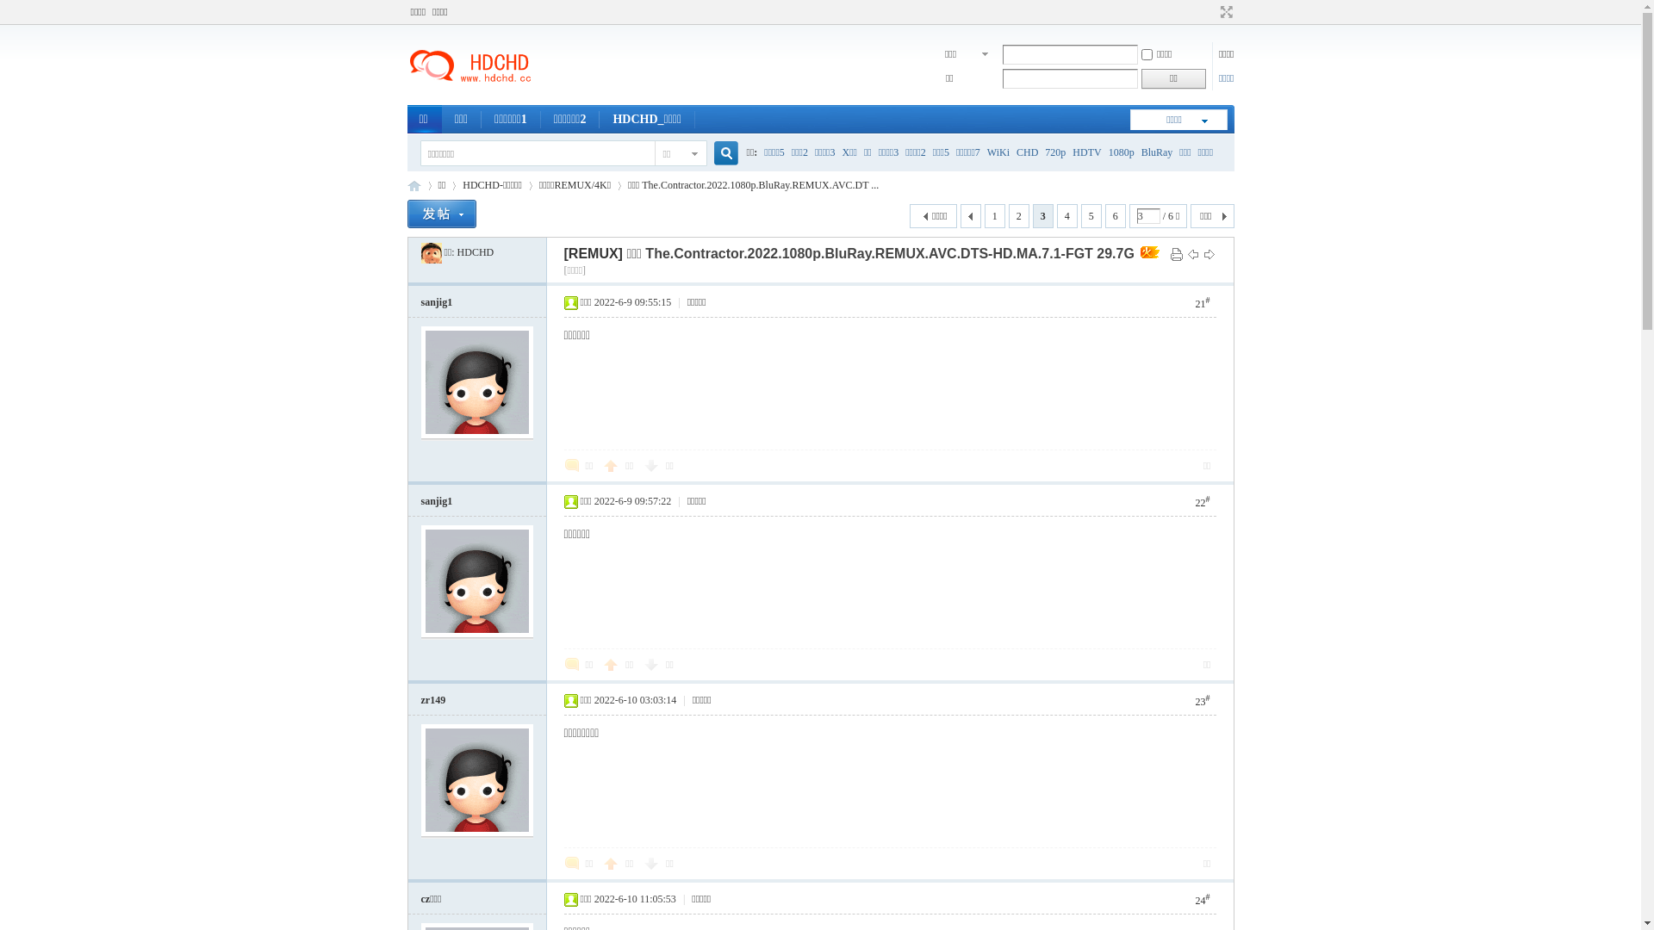 This screenshot has height=930, width=1654. What do you see at coordinates (436, 501) in the screenshot?
I see `'sanjig1'` at bounding box center [436, 501].